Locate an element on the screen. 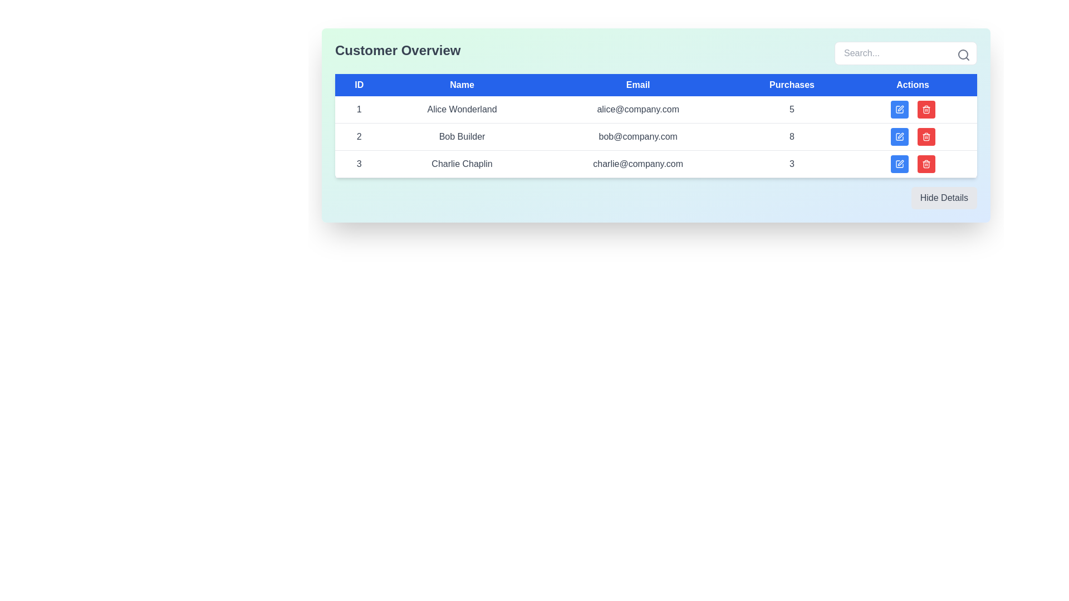 The image size is (1069, 601). the static text element displaying 'Bob Builder' located in the second row under the 'Name' column, between the 'ID' and 'Email' columns is located at coordinates (462, 136).